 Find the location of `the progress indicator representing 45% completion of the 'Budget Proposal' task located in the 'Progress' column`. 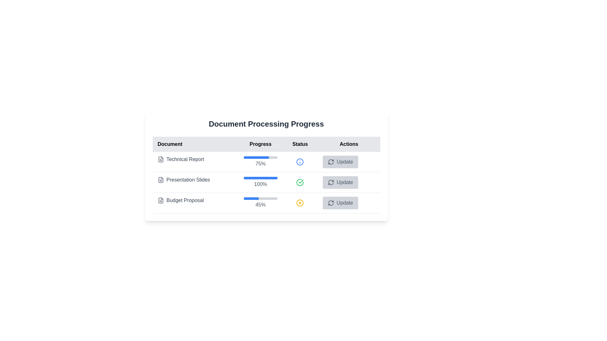

the progress indicator representing 45% completion of the 'Budget Proposal' task located in the 'Progress' column is located at coordinates (251, 198).